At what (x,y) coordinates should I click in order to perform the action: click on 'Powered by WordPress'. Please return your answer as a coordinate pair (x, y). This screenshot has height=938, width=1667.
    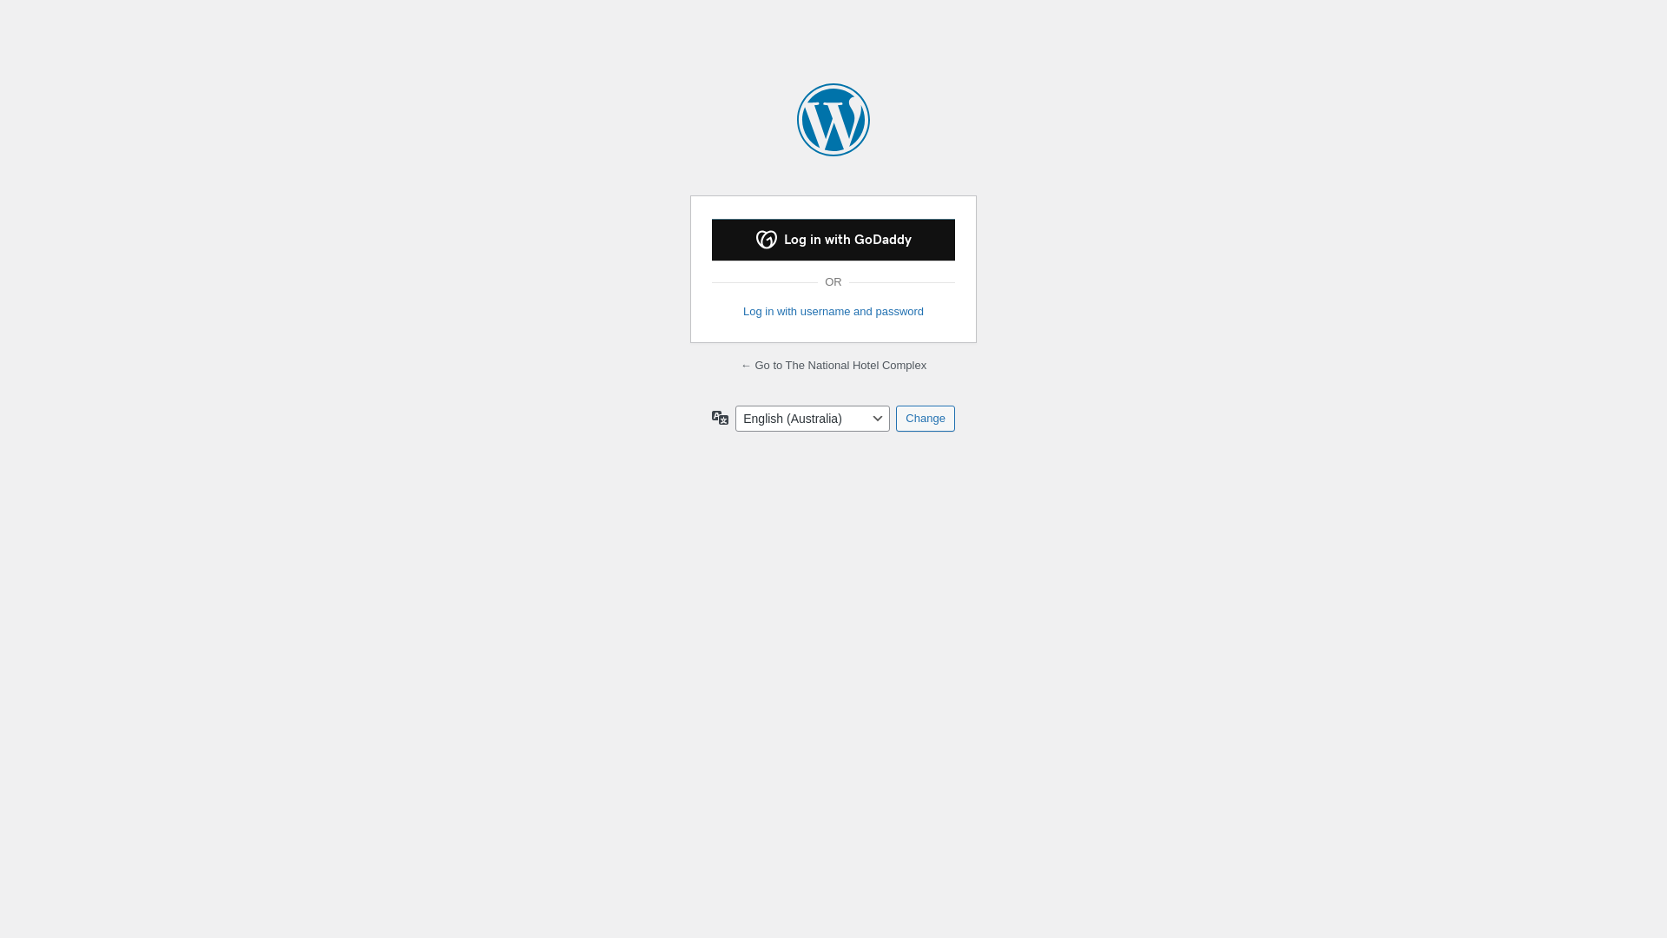
    Looking at the image, I should click on (833, 119).